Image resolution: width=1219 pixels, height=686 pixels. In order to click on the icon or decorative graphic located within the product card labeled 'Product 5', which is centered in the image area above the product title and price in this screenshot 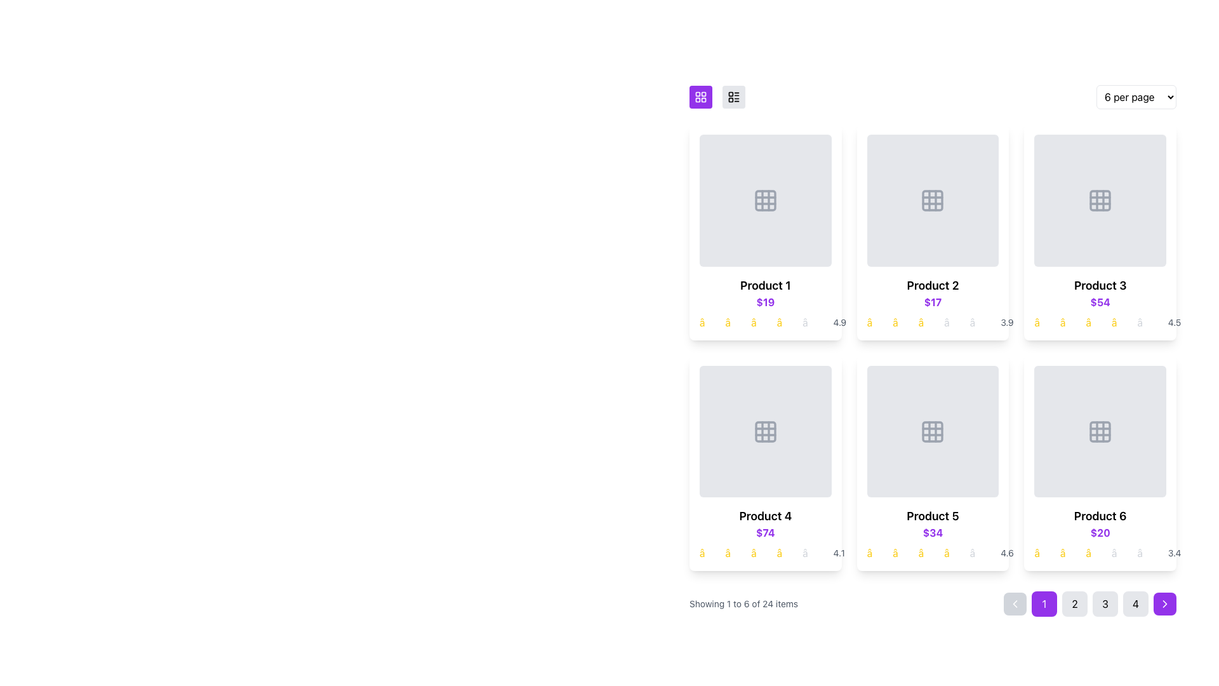, I will do `click(933, 431)`.